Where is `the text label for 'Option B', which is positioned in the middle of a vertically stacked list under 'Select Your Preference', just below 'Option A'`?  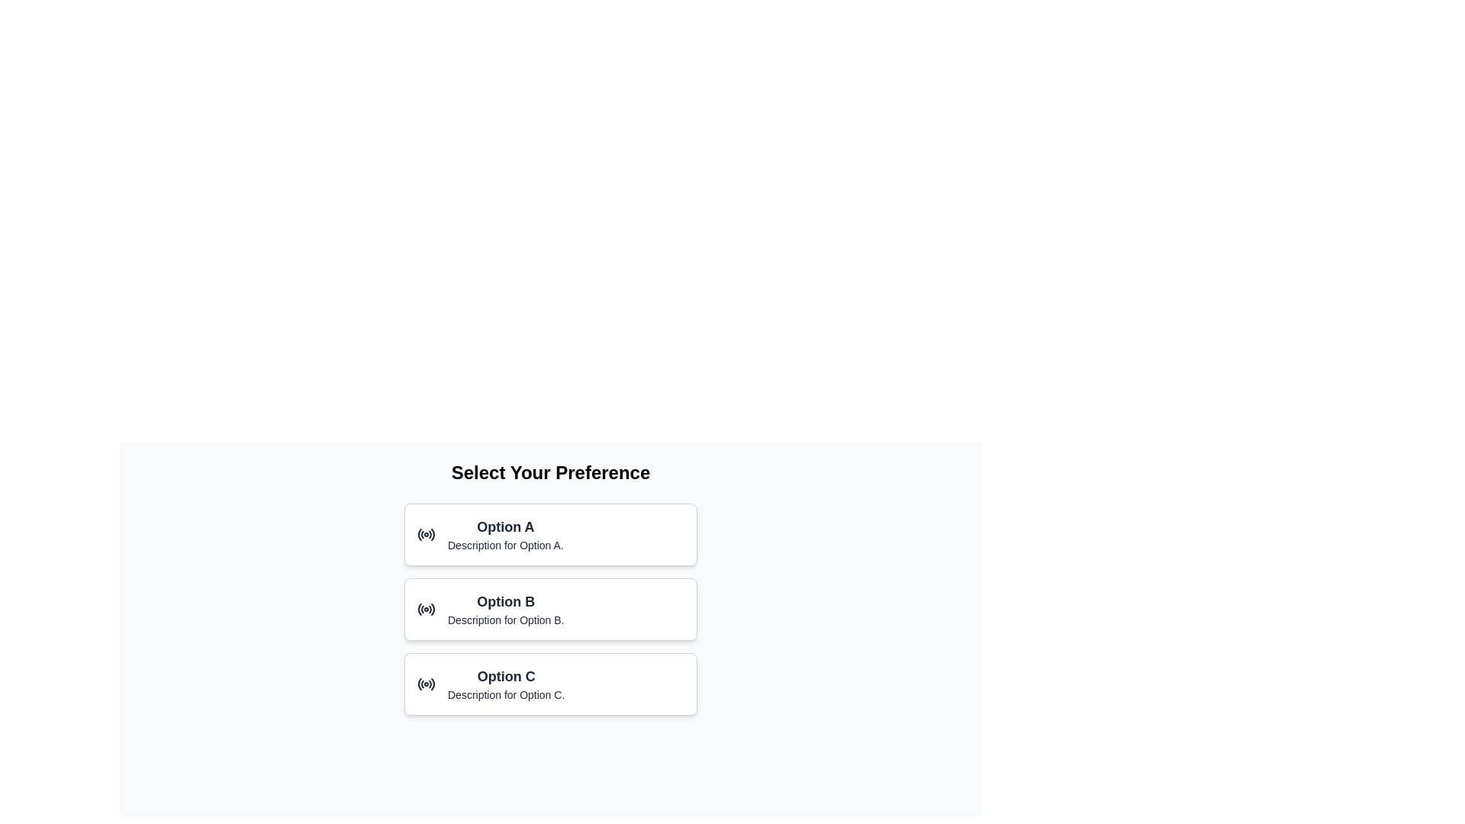 the text label for 'Option B', which is positioned in the middle of a vertically stacked list under 'Select Your Preference', just below 'Option A' is located at coordinates (506, 601).